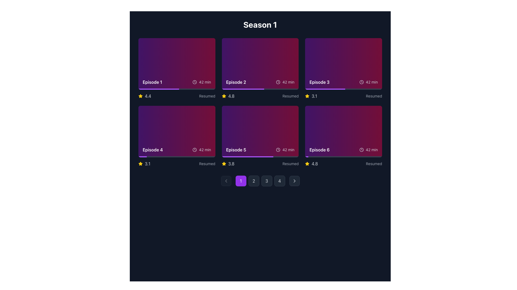 Image resolution: width=517 pixels, height=290 pixels. I want to click on text indicating the duration of the episode located in the top-right corner of the episode card, so click(371, 82).